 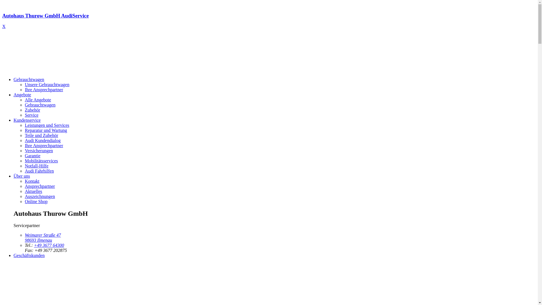 I want to click on 'Autohaus Thurow GmbH AudiService', so click(x=268, y=21).